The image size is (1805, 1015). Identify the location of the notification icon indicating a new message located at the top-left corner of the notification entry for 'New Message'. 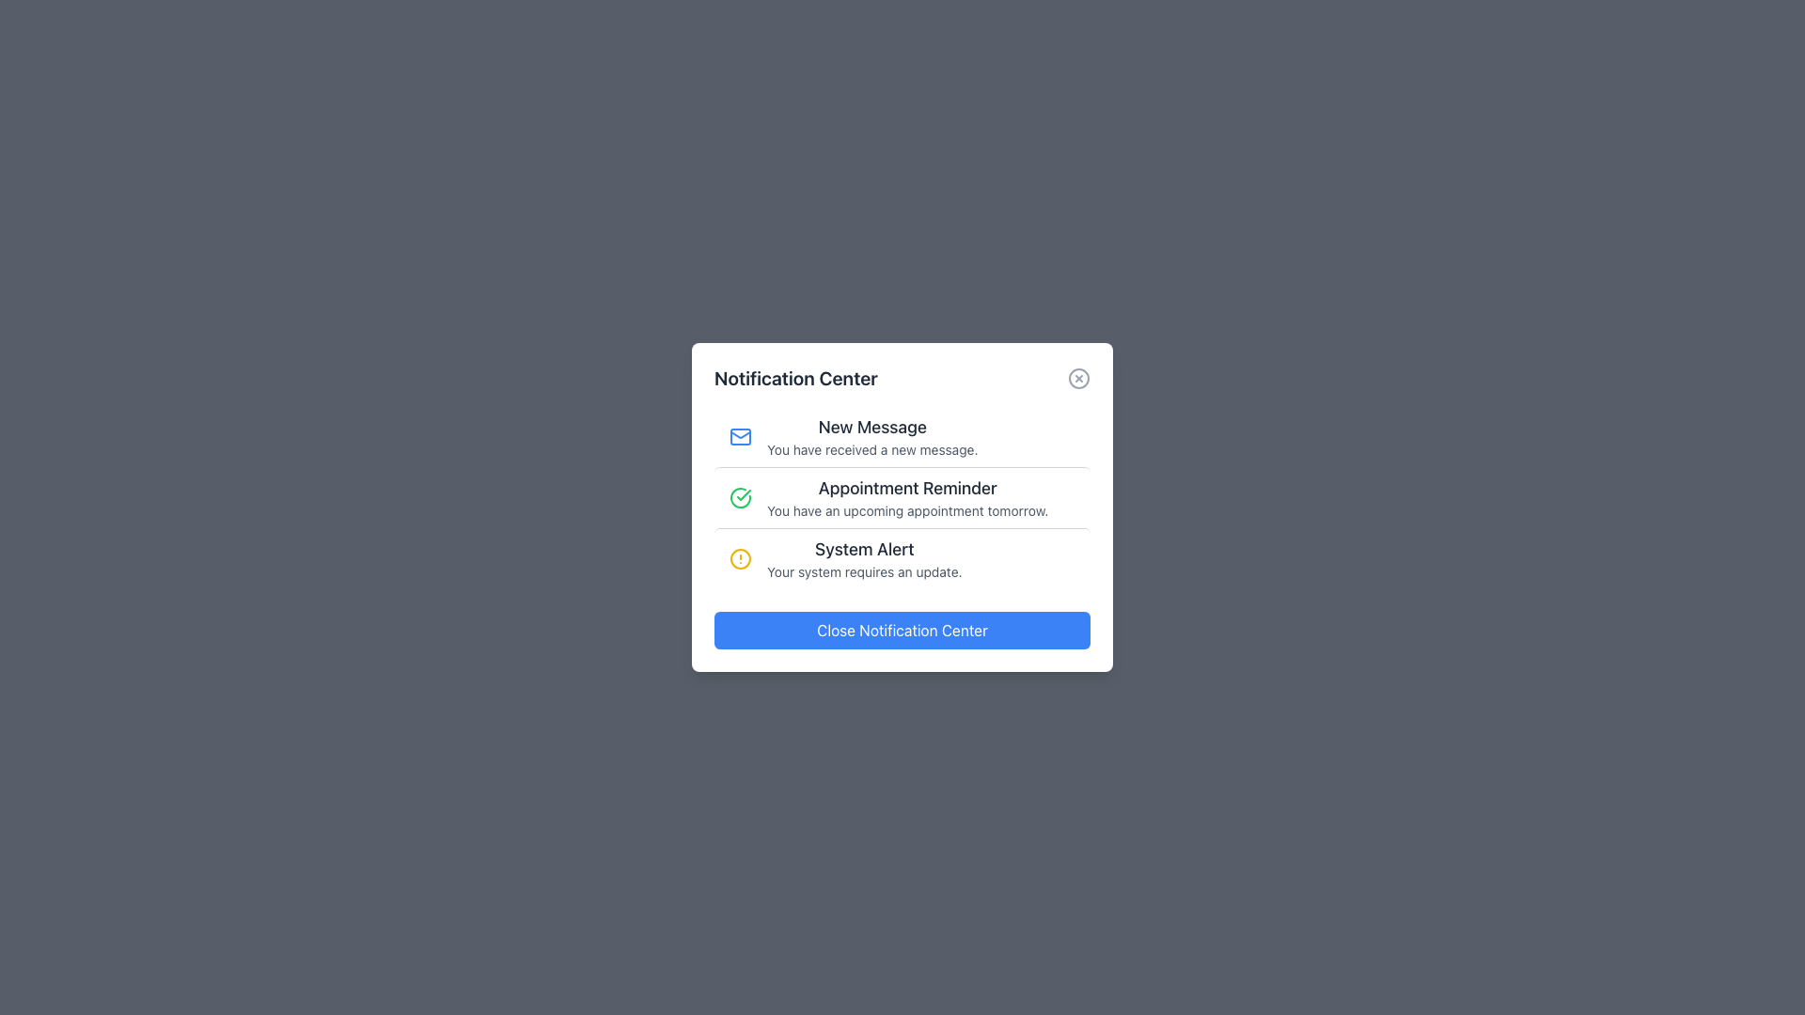
(739, 437).